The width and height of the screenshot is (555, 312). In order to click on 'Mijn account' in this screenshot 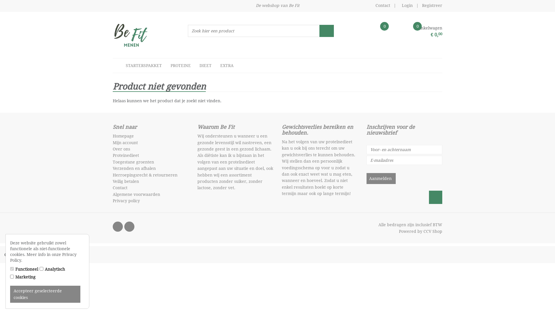, I will do `click(125, 142)`.